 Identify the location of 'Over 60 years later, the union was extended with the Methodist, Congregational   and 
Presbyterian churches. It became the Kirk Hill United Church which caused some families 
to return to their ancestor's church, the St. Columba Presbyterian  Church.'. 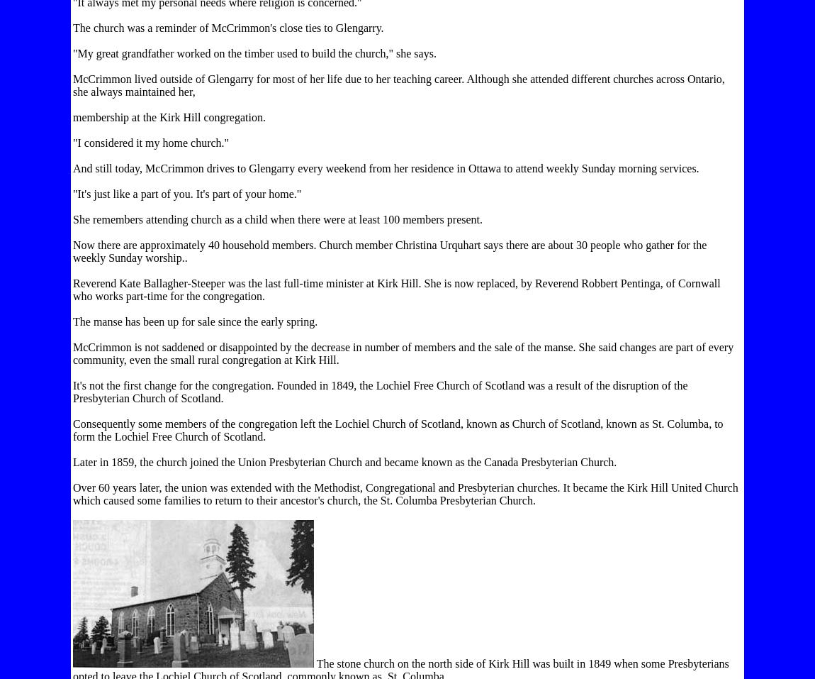
(72, 494).